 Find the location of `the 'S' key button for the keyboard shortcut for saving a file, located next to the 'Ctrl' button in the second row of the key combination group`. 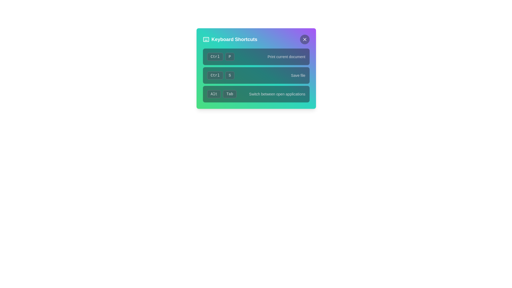

the 'S' key button for the keyboard shortcut for saving a file, located next to the 'Ctrl' button in the second row of the key combination group is located at coordinates (230, 75).